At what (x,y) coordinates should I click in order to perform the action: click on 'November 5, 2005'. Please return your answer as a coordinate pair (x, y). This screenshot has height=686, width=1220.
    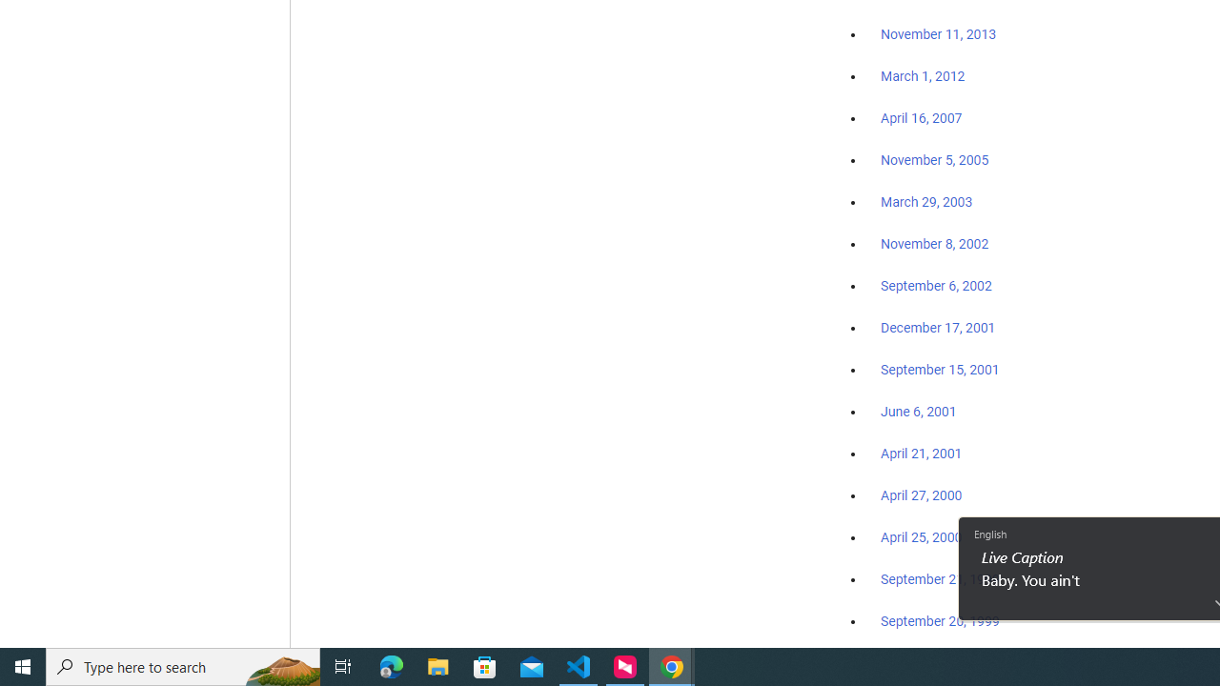
    Looking at the image, I should click on (935, 159).